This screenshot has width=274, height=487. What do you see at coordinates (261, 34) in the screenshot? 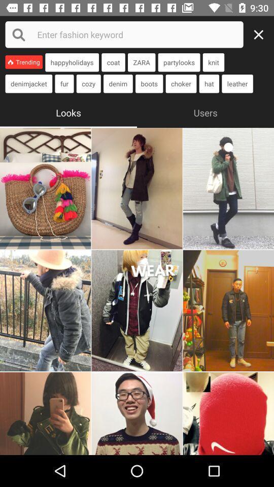
I see `restart your search` at bounding box center [261, 34].